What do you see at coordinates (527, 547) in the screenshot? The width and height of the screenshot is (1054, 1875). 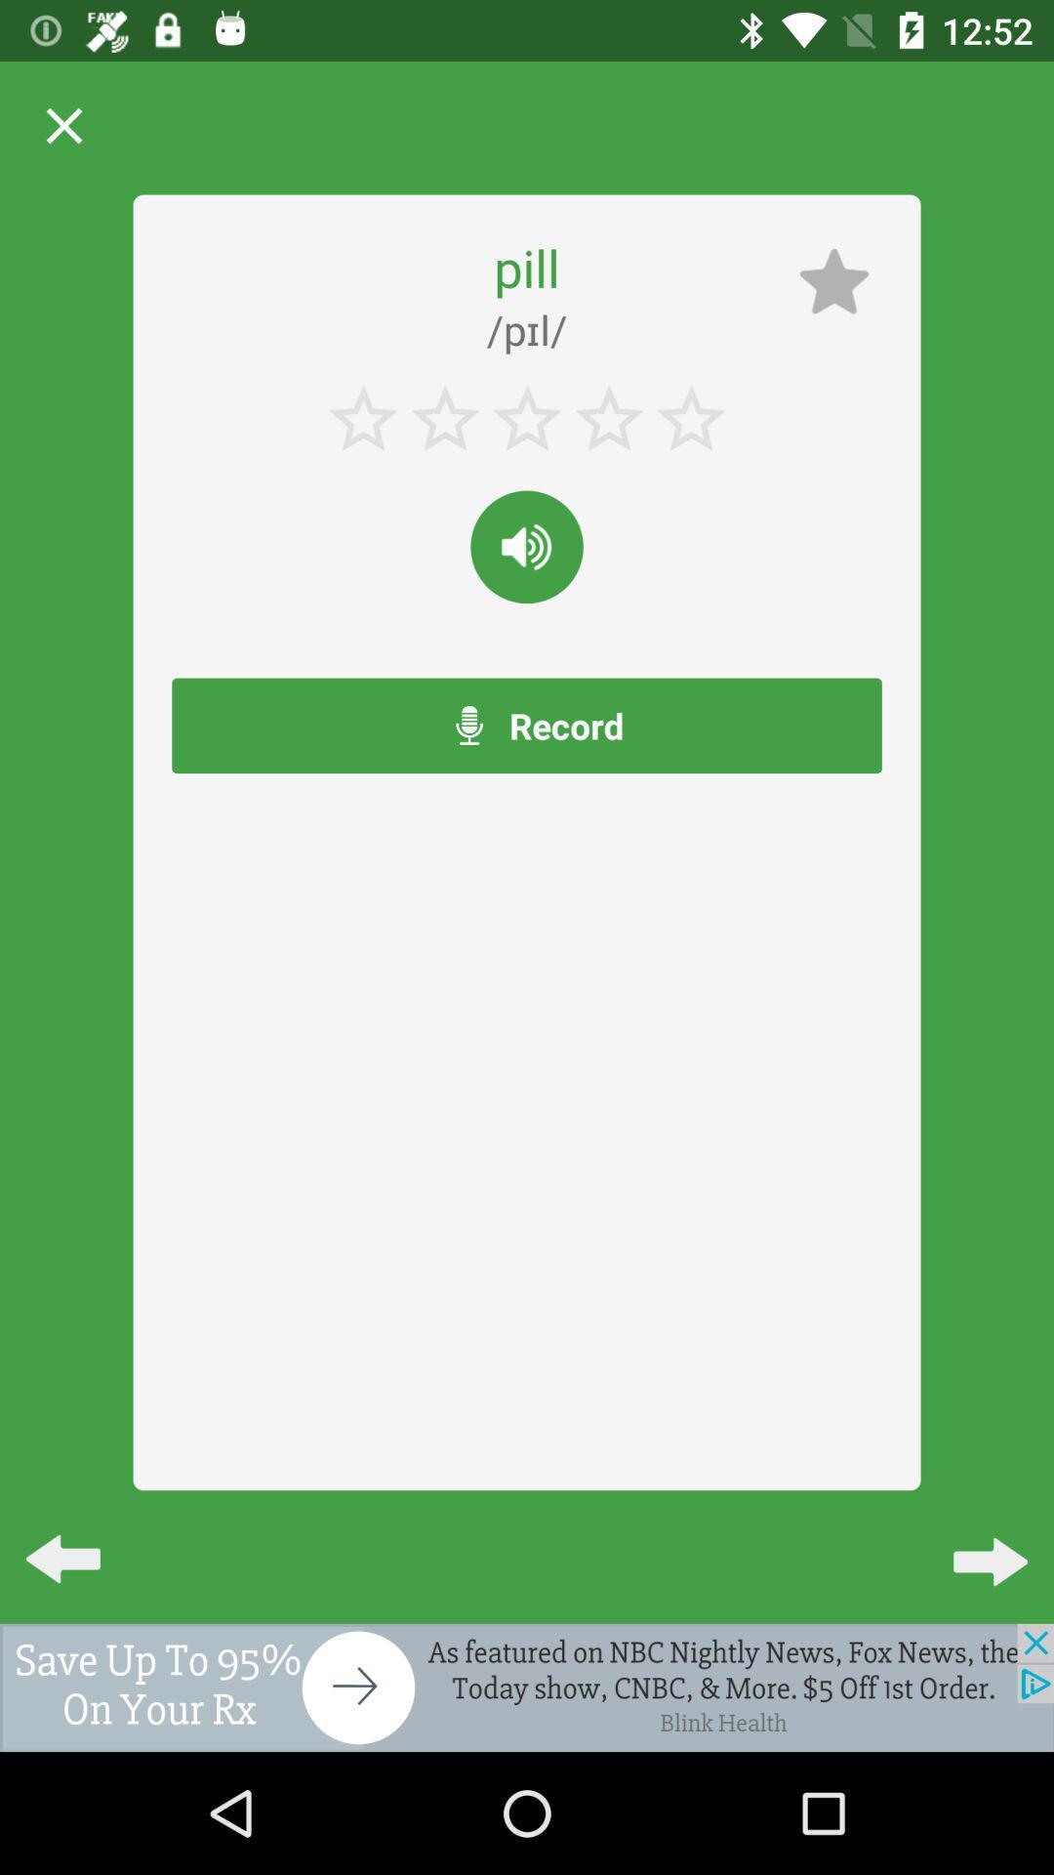 I see `the word` at bounding box center [527, 547].